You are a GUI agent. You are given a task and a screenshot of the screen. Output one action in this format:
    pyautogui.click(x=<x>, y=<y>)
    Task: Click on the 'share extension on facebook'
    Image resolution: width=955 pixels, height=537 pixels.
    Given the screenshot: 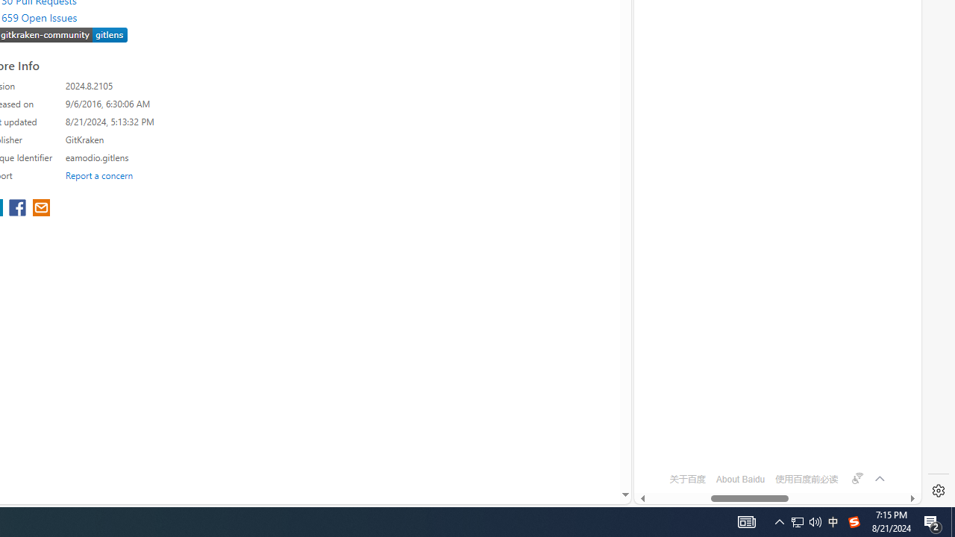 What is the action you would take?
    pyautogui.click(x=19, y=209)
    